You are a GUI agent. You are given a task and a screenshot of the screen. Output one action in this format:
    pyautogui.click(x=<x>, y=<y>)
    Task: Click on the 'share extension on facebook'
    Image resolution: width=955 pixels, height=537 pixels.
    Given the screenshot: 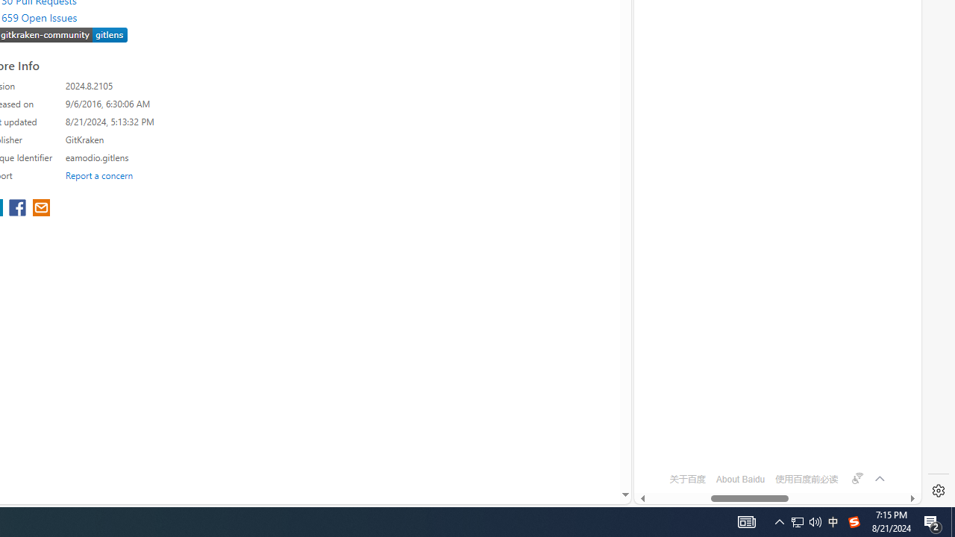 What is the action you would take?
    pyautogui.click(x=19, y=209)
    